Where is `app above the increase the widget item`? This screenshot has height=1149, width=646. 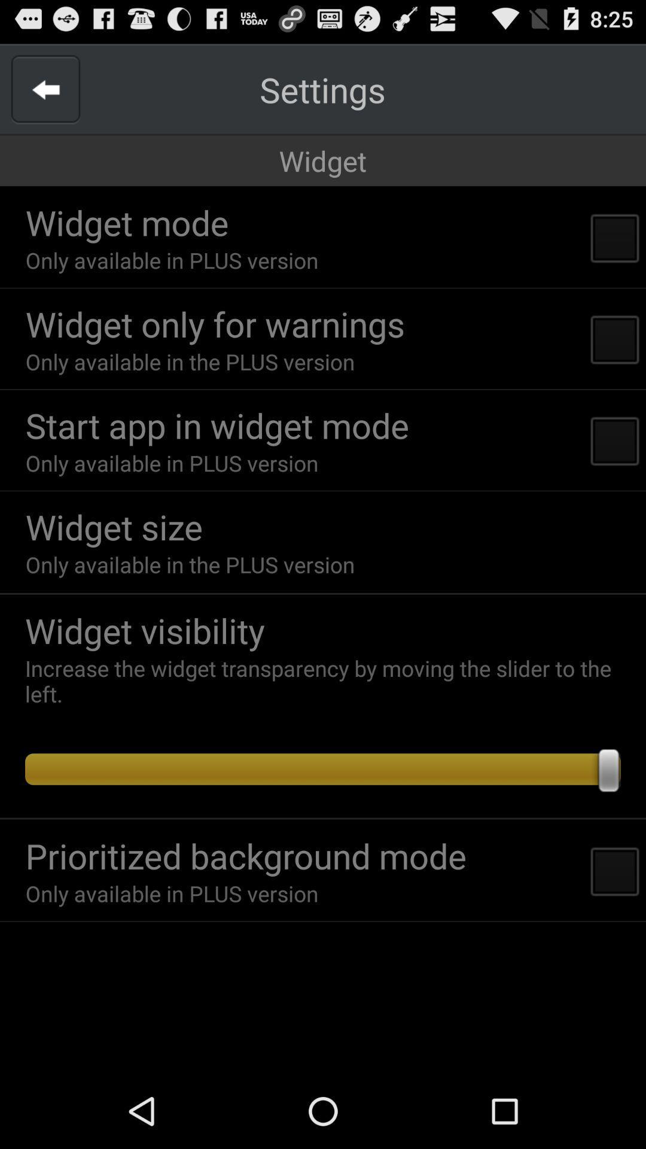
app above the increase the widget item is located at coordinates (329, 630).